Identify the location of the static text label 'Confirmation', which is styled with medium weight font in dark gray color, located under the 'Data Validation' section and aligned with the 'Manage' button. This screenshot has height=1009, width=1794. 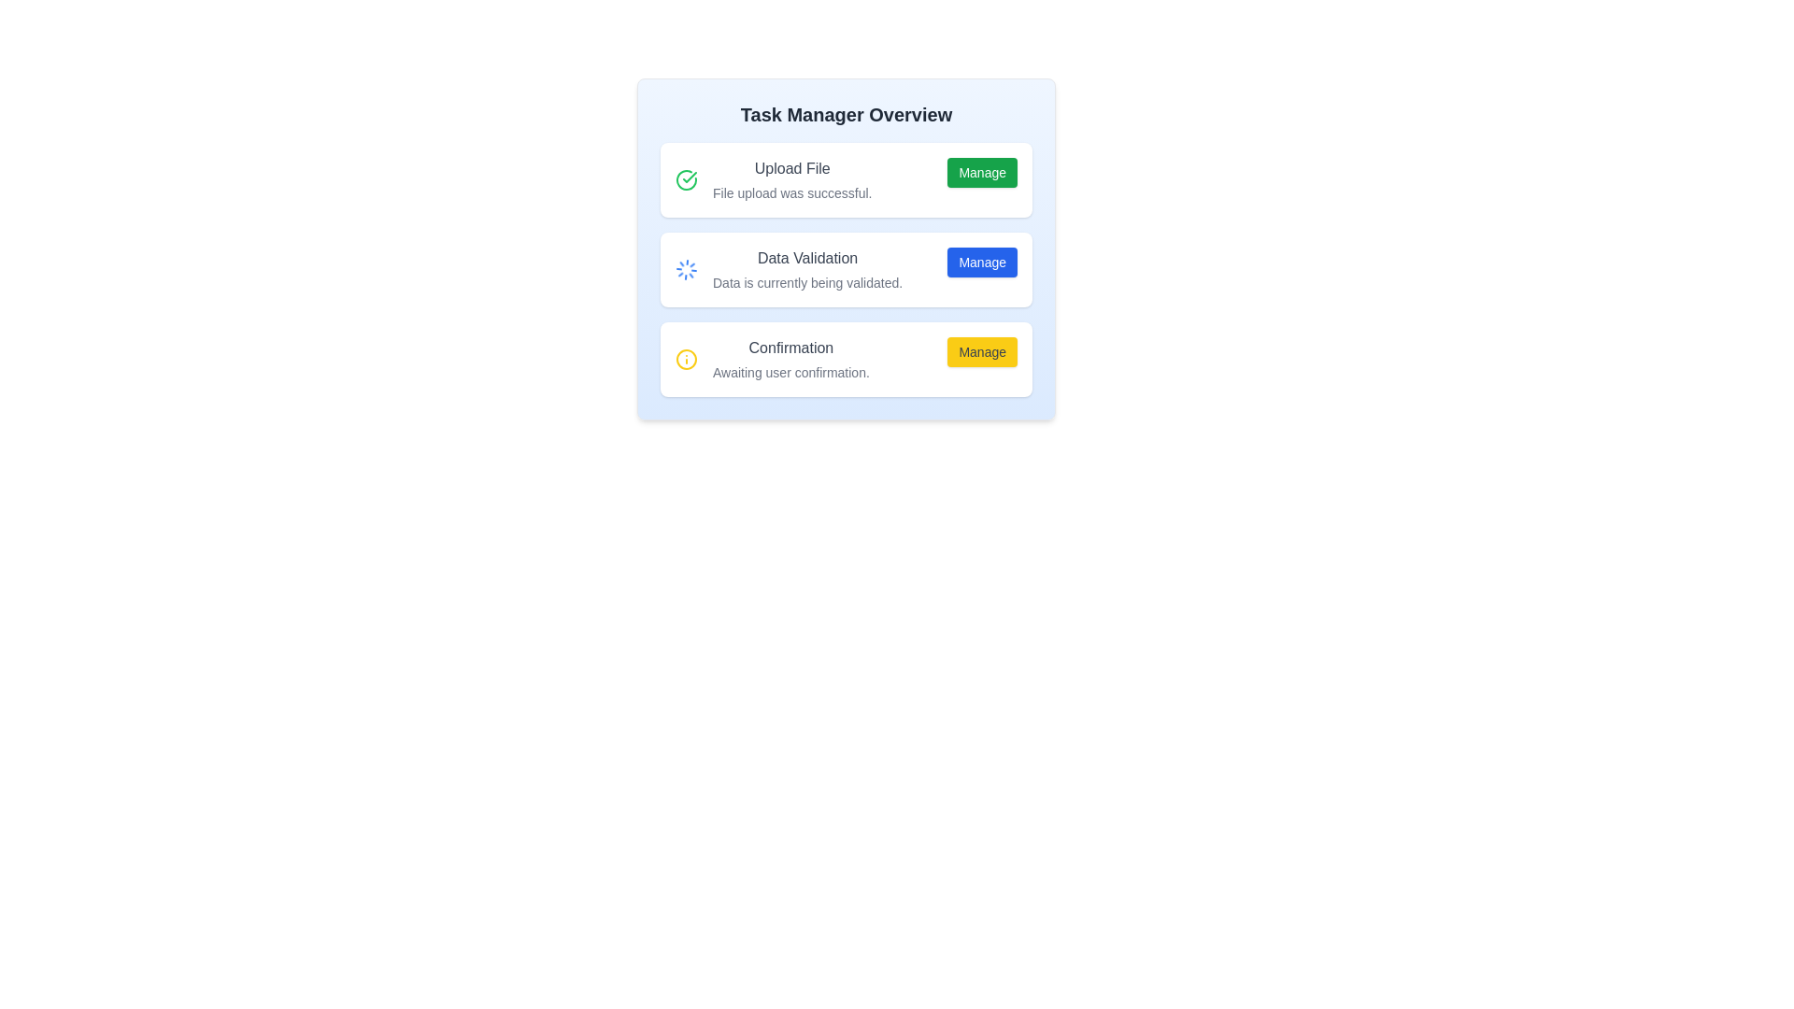
(790, 348).